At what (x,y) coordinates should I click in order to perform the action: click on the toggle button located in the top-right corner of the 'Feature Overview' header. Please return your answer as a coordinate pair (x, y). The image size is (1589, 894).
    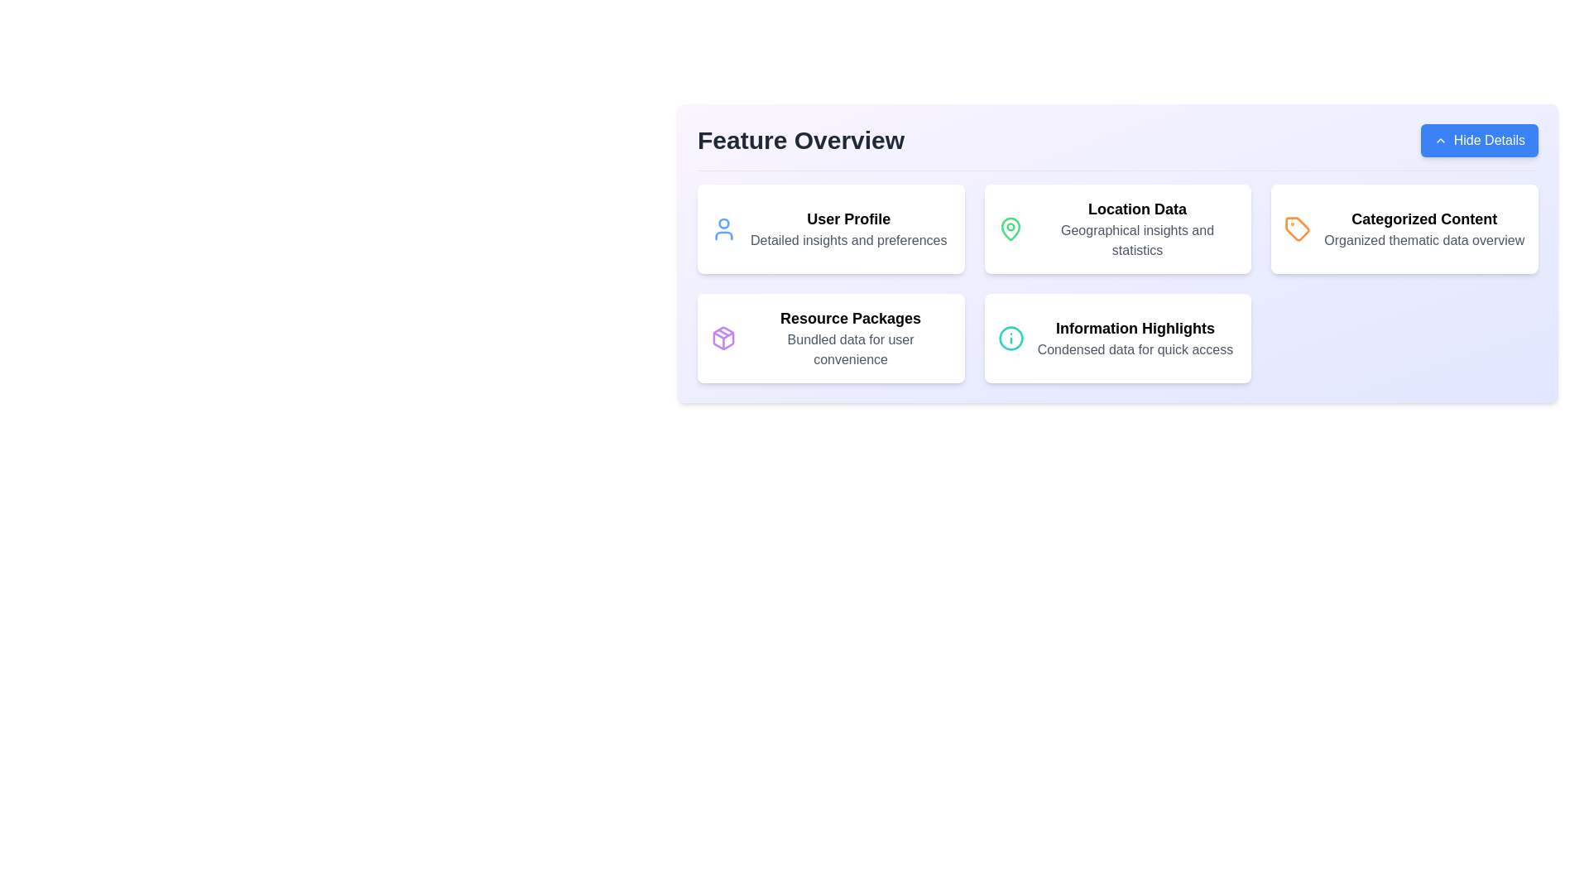
    Looking at the image, I should click on (1479, 139).